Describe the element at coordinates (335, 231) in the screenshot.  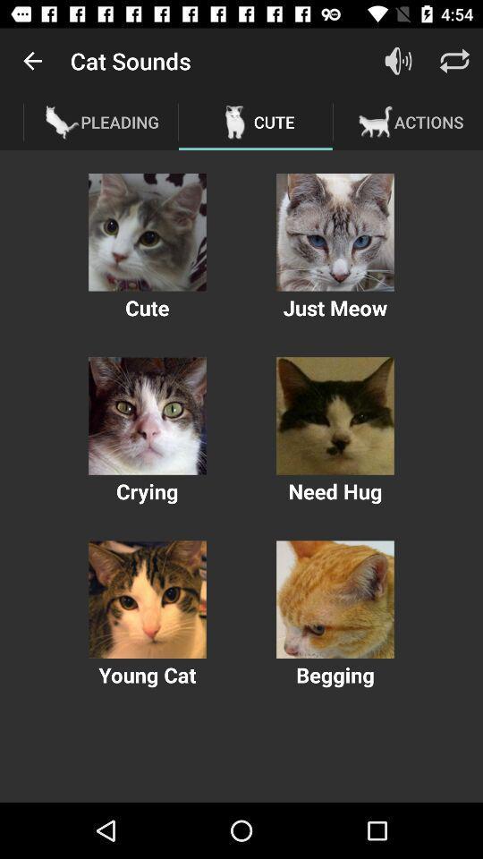
I see `cat photo` at that location.